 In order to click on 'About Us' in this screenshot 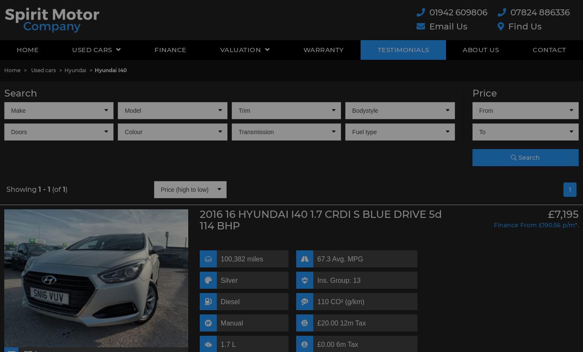, I will do `click(480, 50)`.